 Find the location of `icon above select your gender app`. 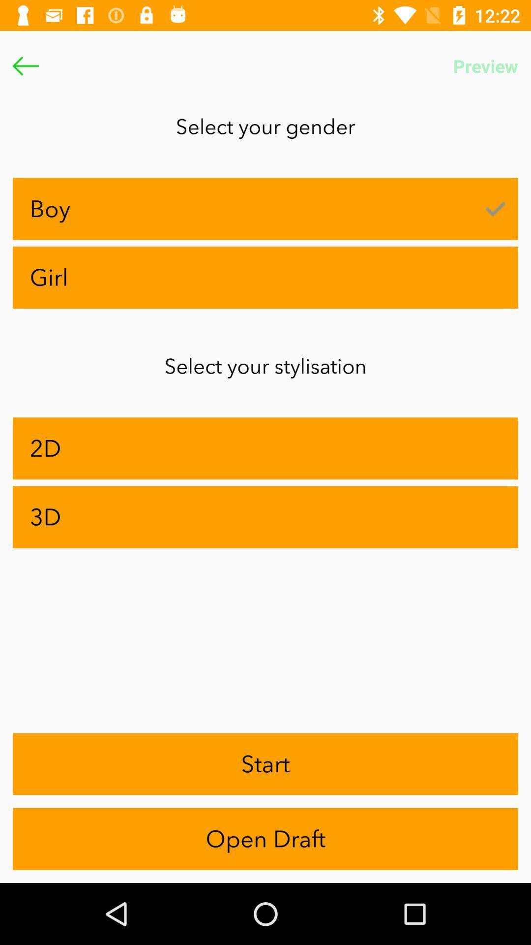

icon above select your gender app is located at coordinates (25, 65).